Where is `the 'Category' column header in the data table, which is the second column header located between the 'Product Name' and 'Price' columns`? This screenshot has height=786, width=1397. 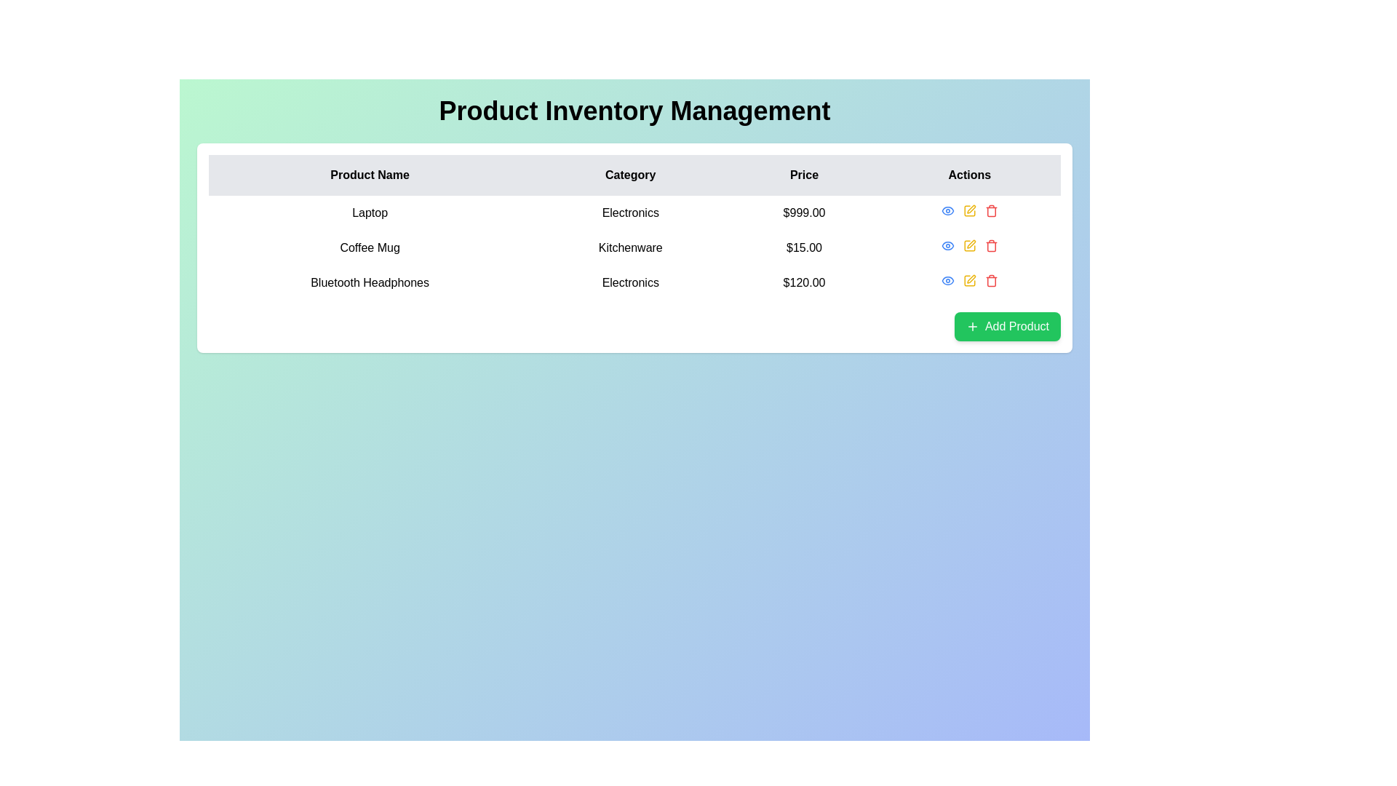
the 'Category' column header in the data table, which is the second column header located between the 'Product Name' and 'Price' columns is located at coordinates (630, 174).